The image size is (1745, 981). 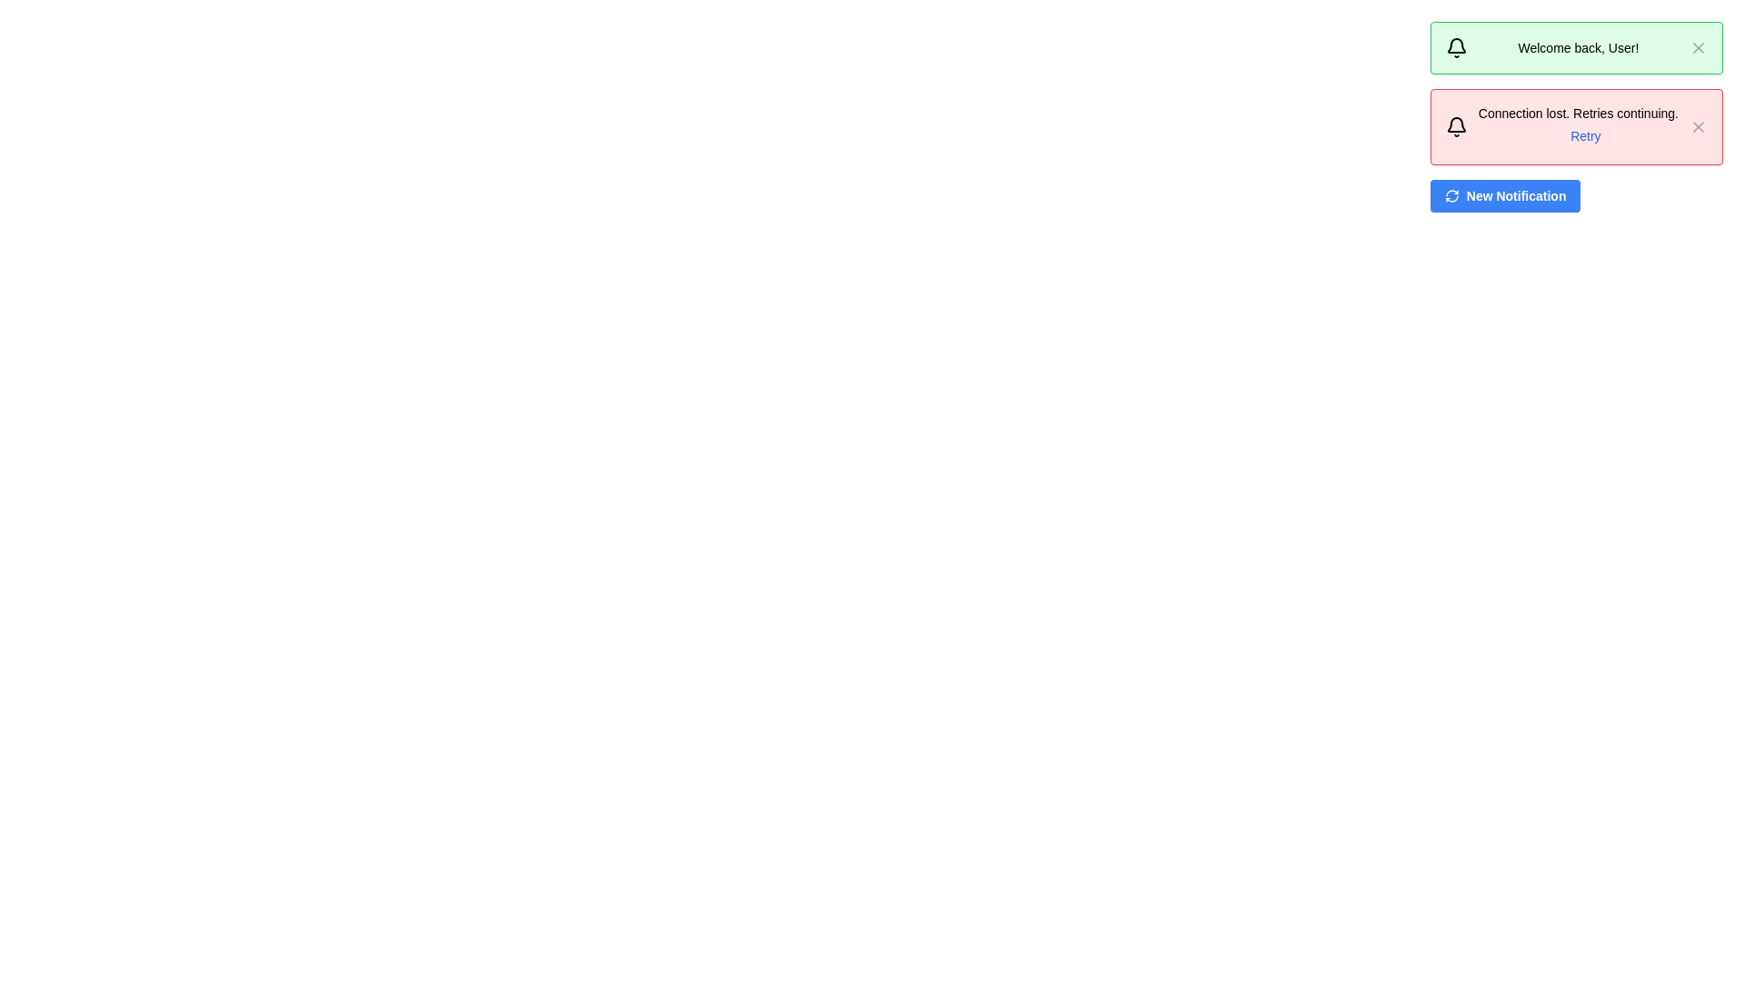 I want to click on the cross (X) icon at the far-right end of the notification bar, so click(x=1697, y=47).